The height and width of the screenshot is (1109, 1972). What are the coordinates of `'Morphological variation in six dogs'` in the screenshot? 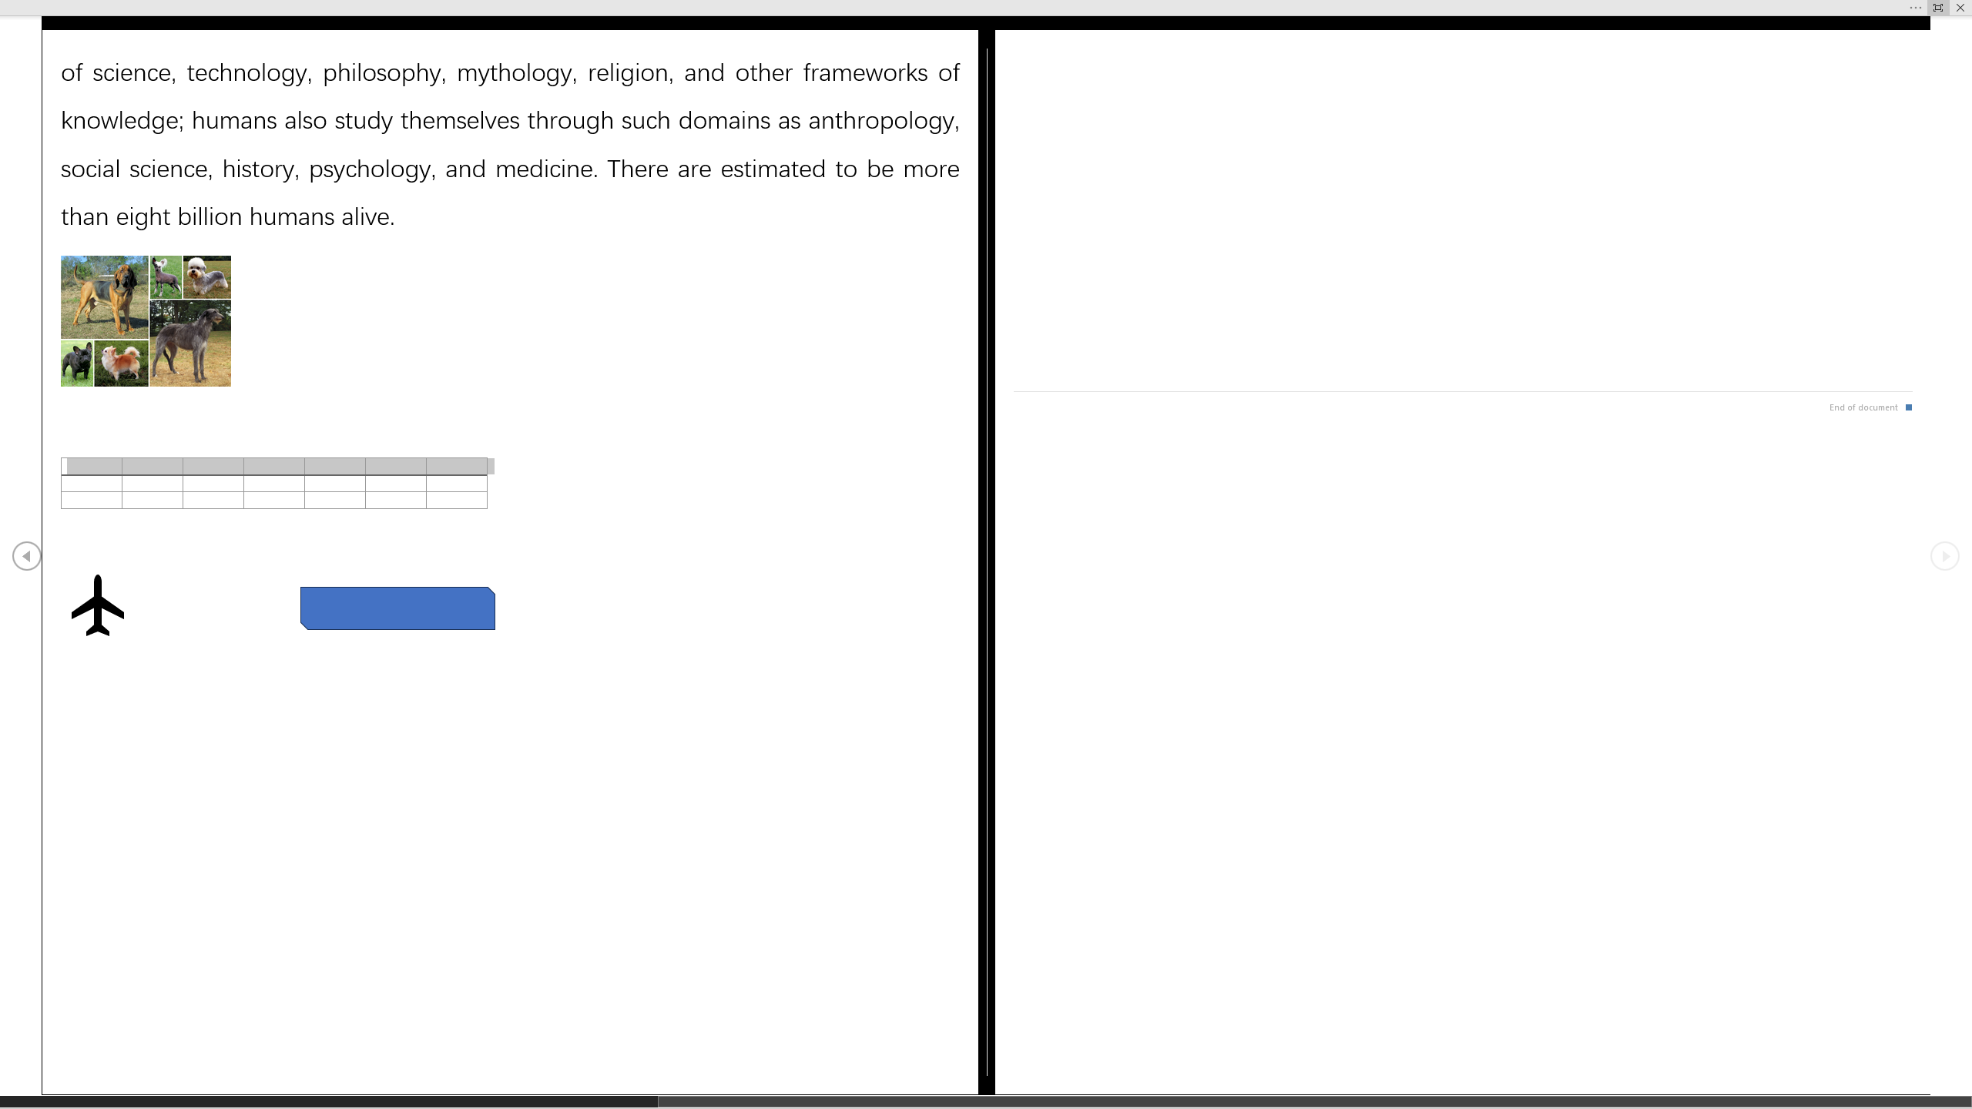 It's located at (144, 321).